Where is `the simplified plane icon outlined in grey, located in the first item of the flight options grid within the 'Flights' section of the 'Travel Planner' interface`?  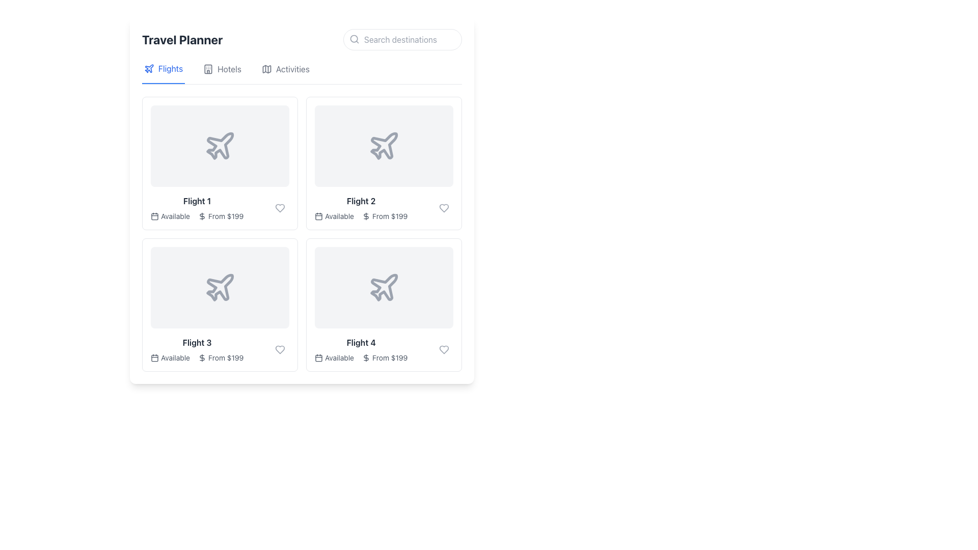 the simplified plane icon outlined in grey, located in the first item of the flight options grid within the 'Flights' section of the 'Travel Planner' interface is located at coordinates (148, 68).